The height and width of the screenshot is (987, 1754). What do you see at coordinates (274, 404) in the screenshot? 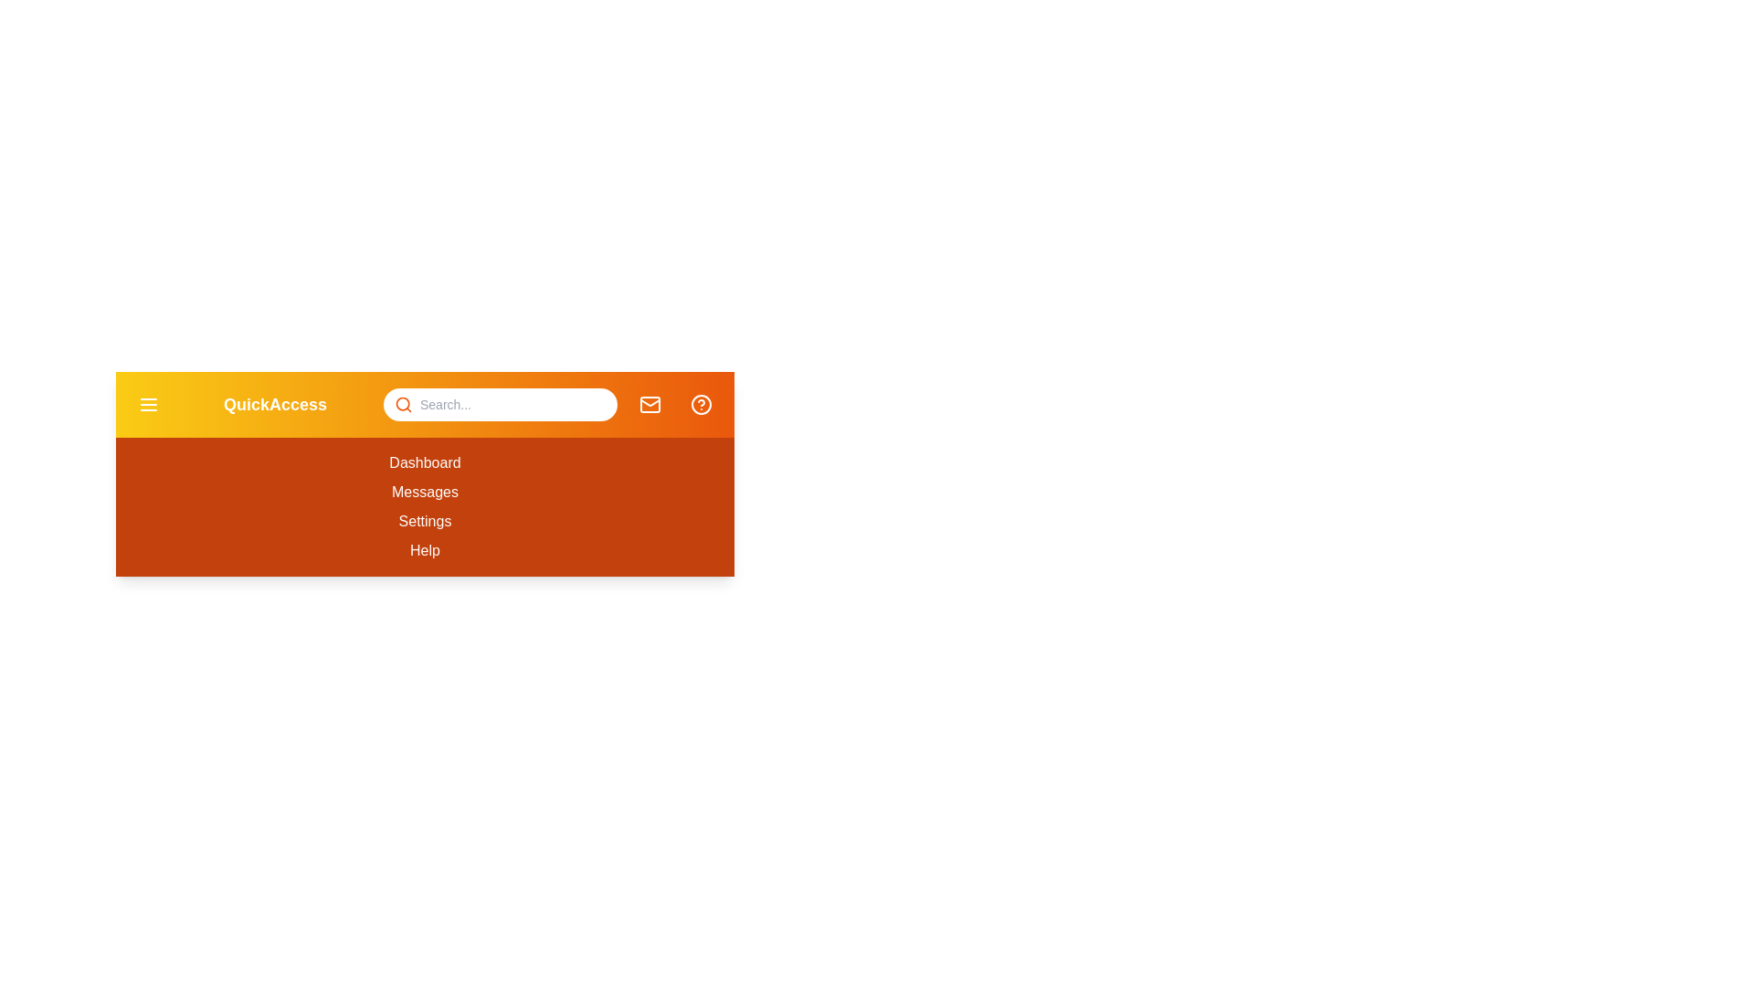
I see `the 'QuickAccess' text label located in the horizontal navigation bar, positioned to the left of the search bar` at bounding box center [274, 404].